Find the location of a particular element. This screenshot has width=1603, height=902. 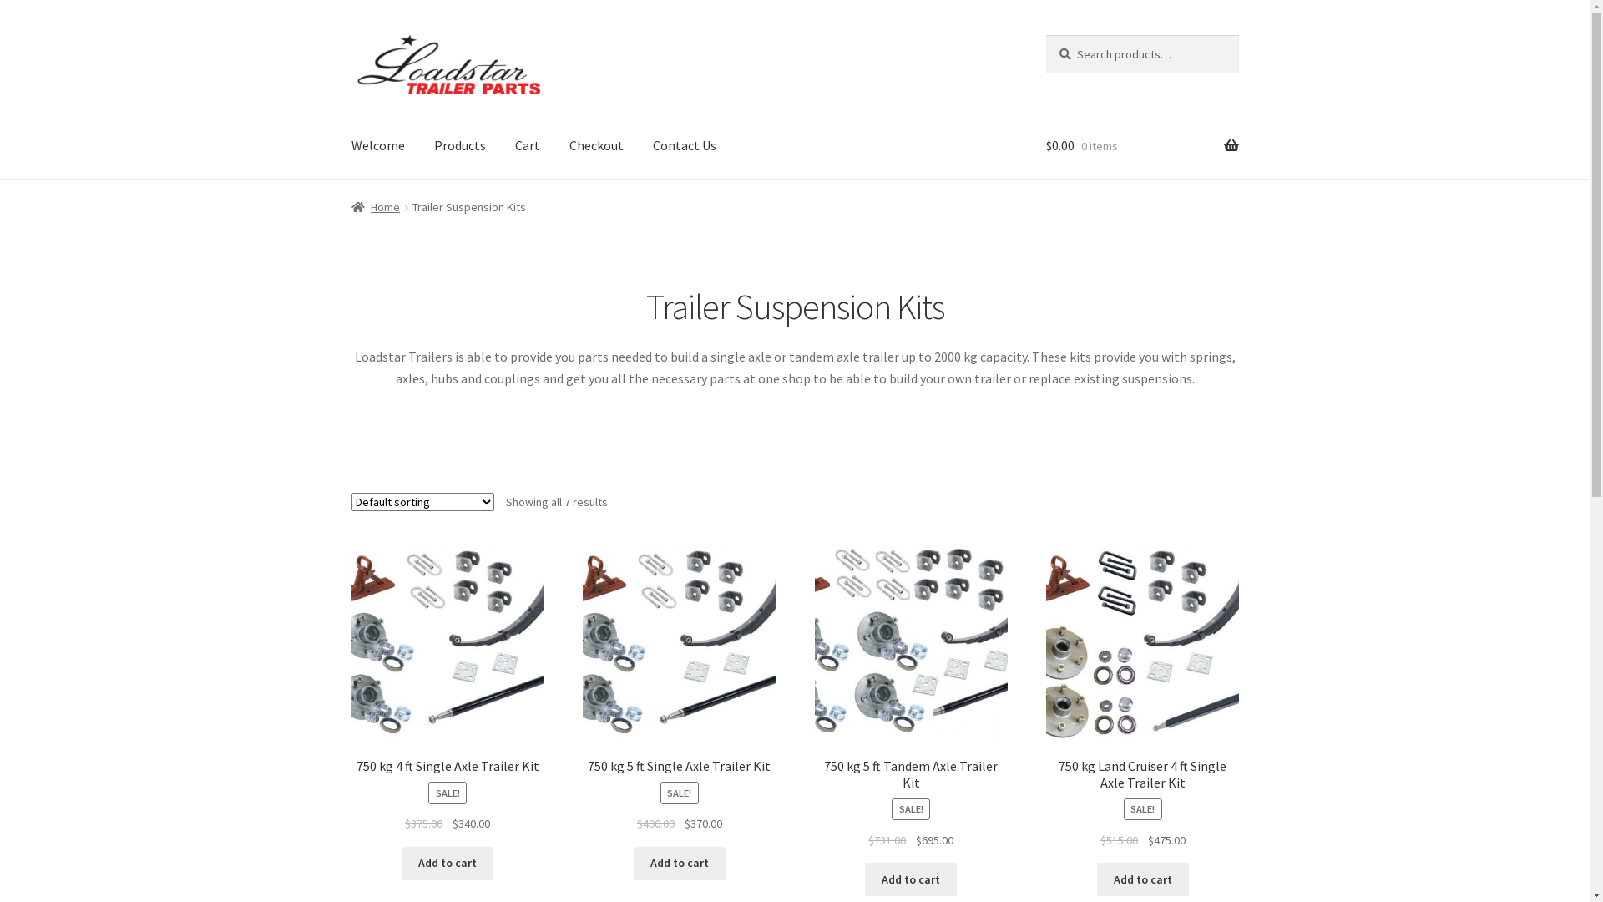

'Contact Us' is located at coordinates (685, 144).